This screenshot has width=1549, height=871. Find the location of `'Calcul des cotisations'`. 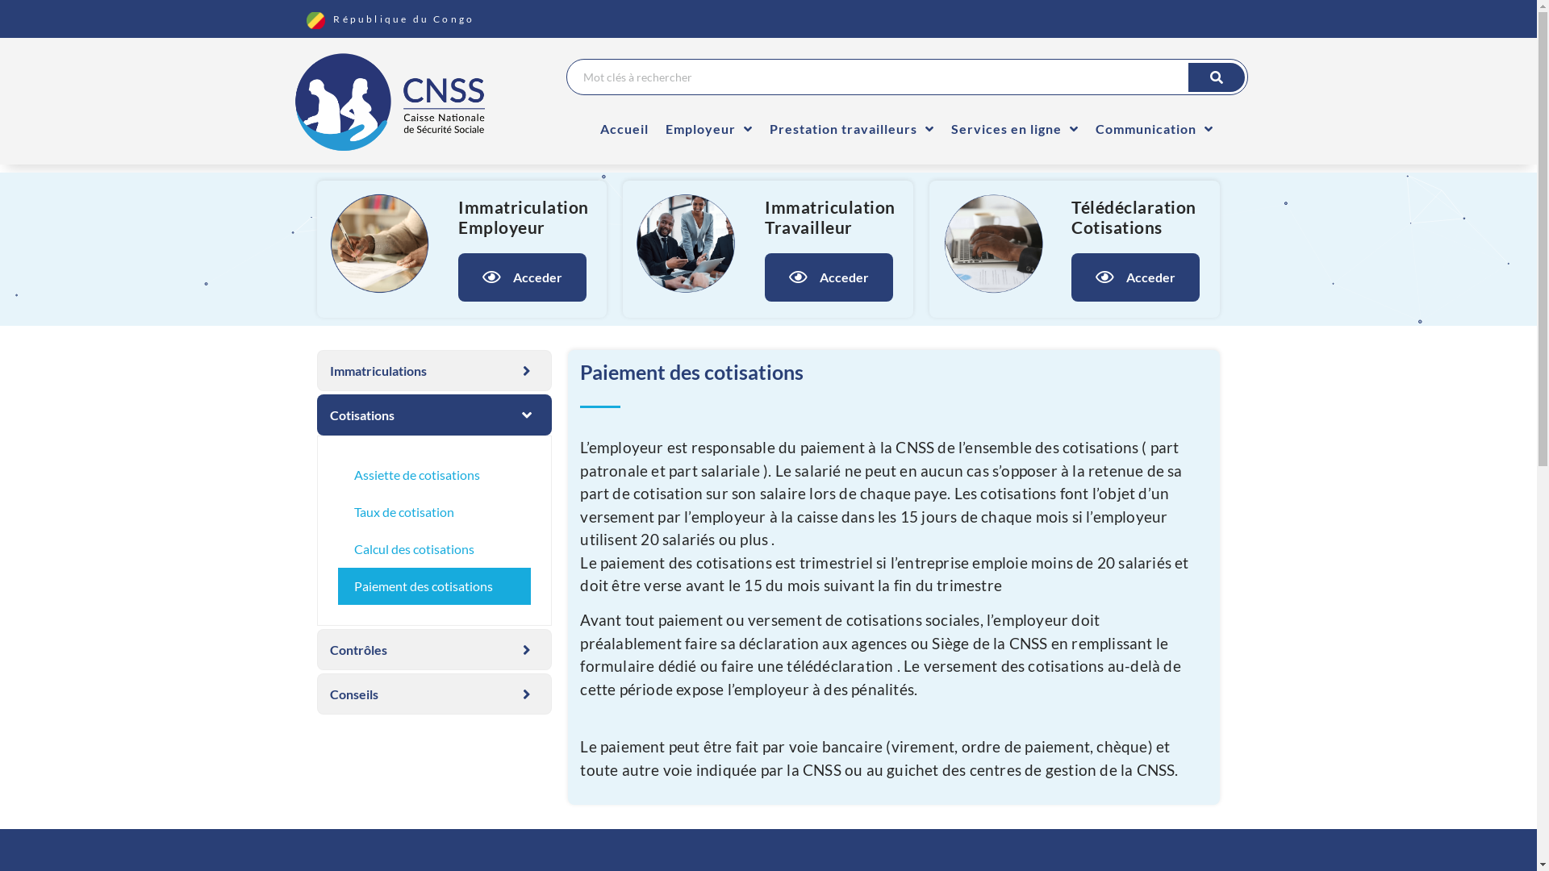

'Calcul des cotisations' is located at coordinates (433, 548).